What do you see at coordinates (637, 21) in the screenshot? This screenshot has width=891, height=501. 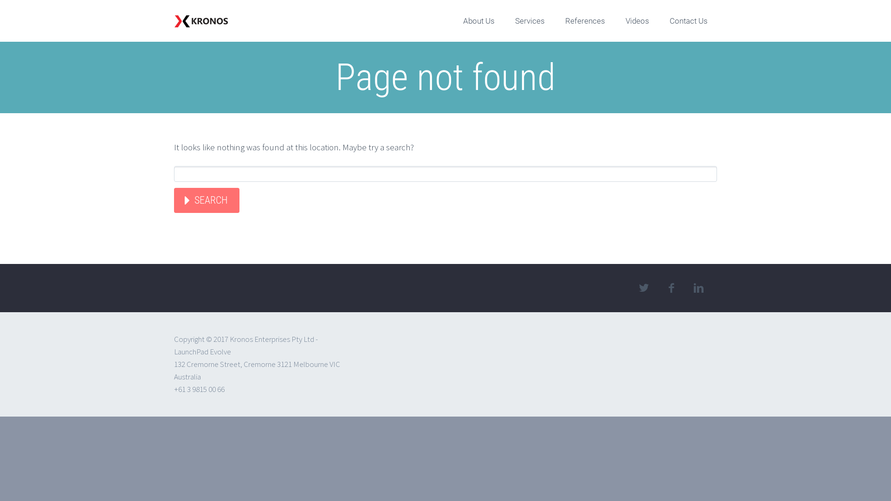 I see `'Videos'` at bounding box center [637, 21].